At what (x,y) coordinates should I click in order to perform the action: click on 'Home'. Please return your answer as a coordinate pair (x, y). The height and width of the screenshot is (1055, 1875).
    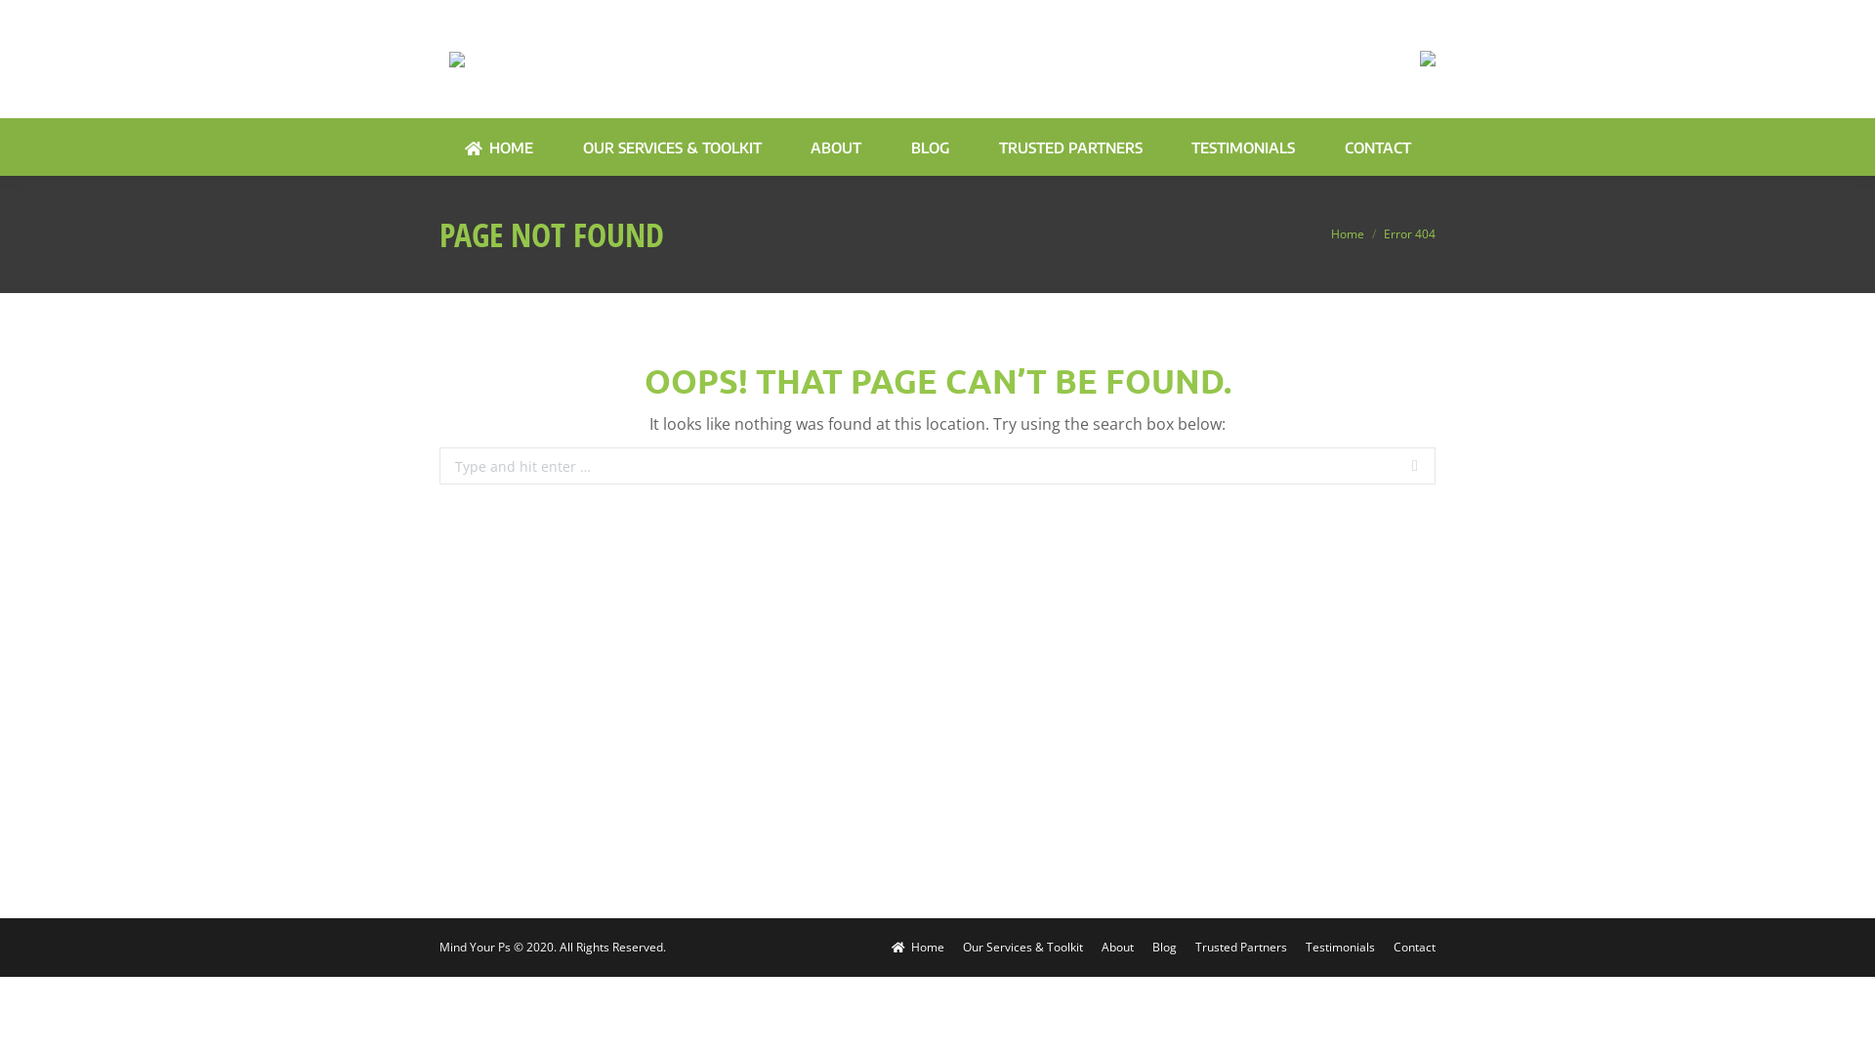
    Looking at the image, I should click on (1347, 232).